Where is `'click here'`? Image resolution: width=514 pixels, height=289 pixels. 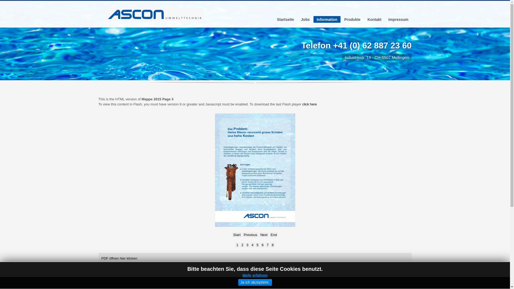
'click here' is located at coordinates (302, 104).